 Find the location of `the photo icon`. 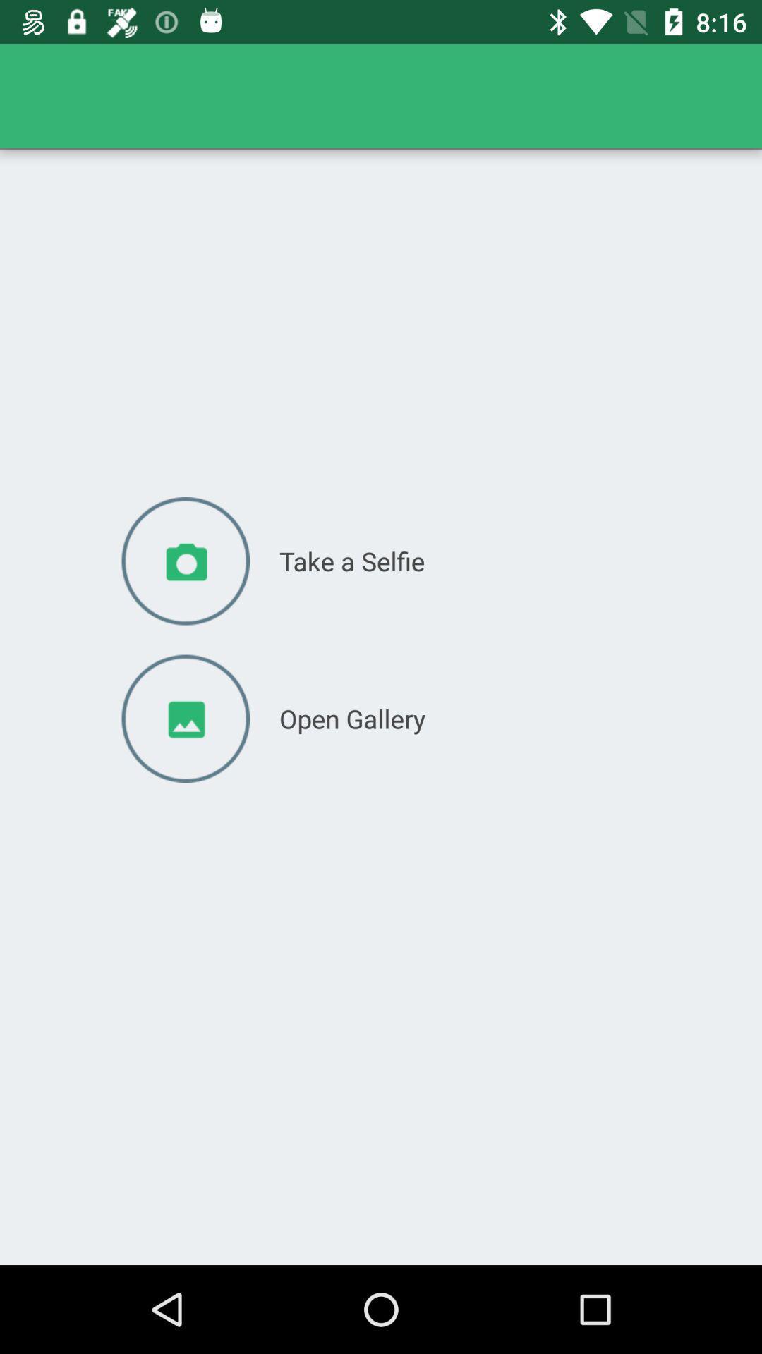

the photo icon is located at coordinates (185, 560).